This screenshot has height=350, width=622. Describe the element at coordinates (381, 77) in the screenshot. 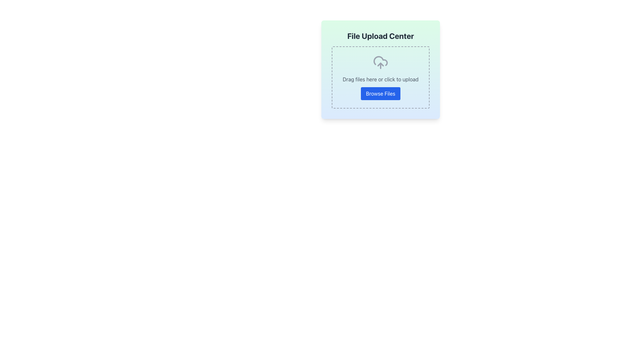

I see `the File uploader interface located centrally below the 'File Upload Center' text` at that location.